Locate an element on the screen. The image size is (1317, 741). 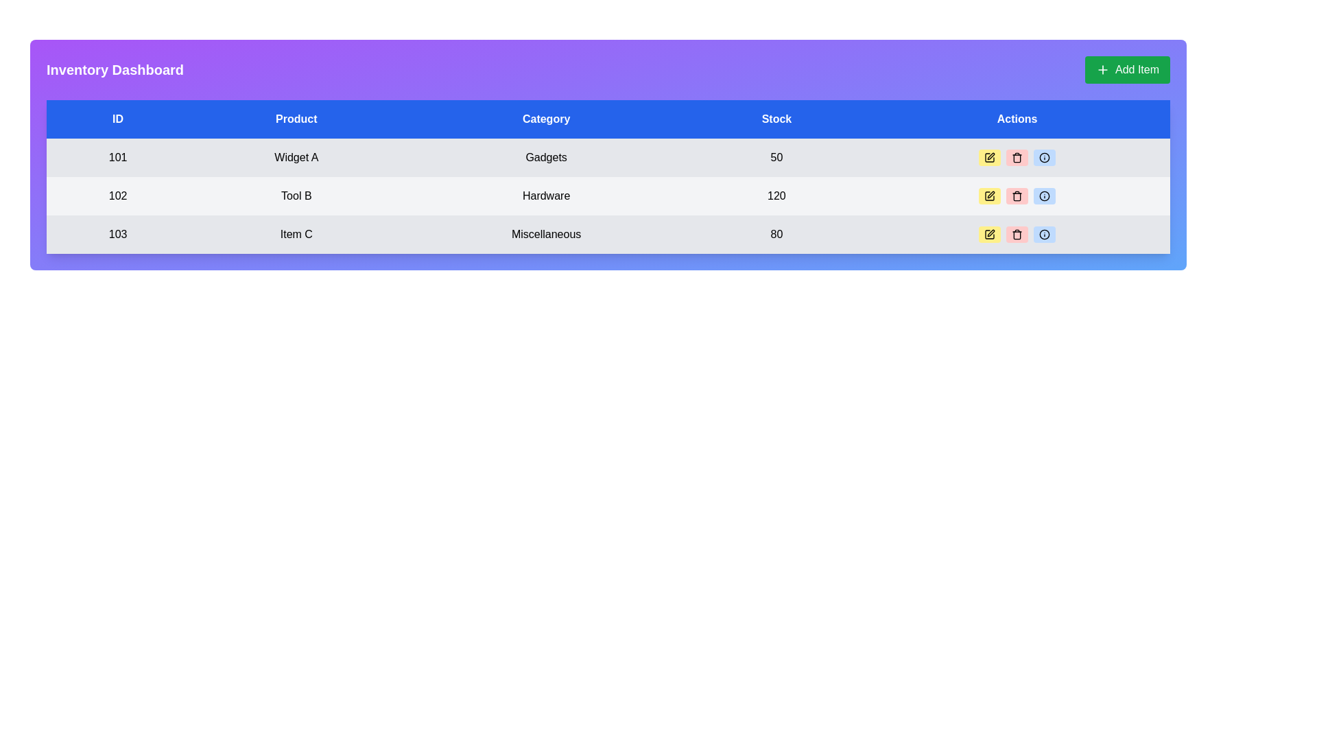
the third row in the table that displays '103', 'Item C', 'Miscellaneous', and '80' is located at coordinates (608, 234).